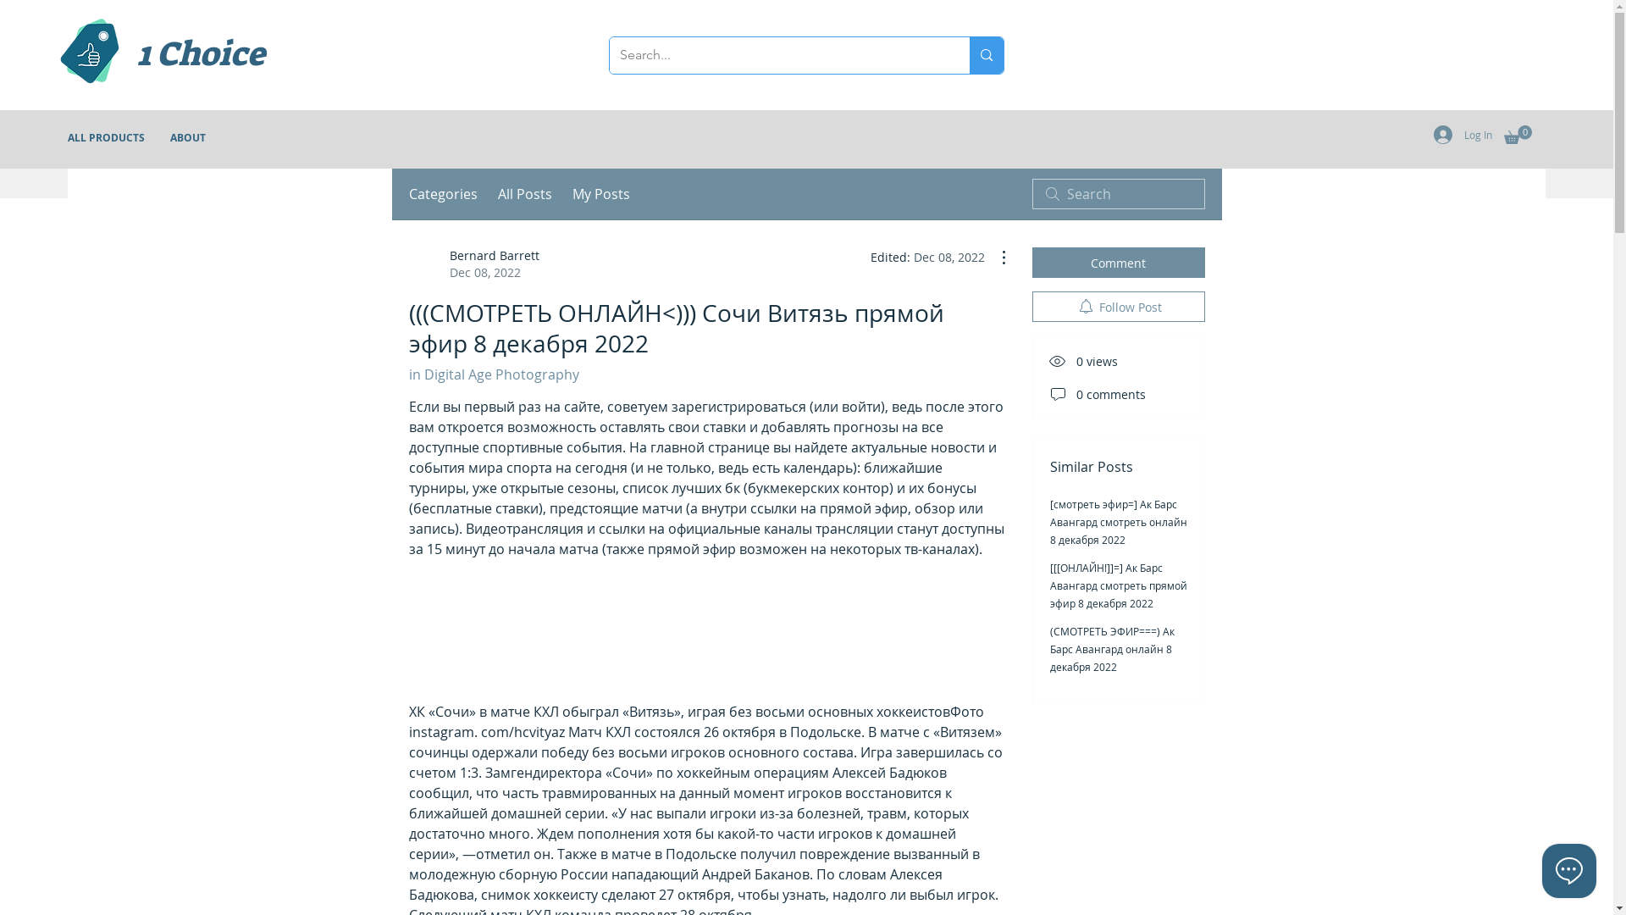  Describe the element at coordinates (105, 136) in the screenshot. I see `'ALL PRODUCTS'` at that location.